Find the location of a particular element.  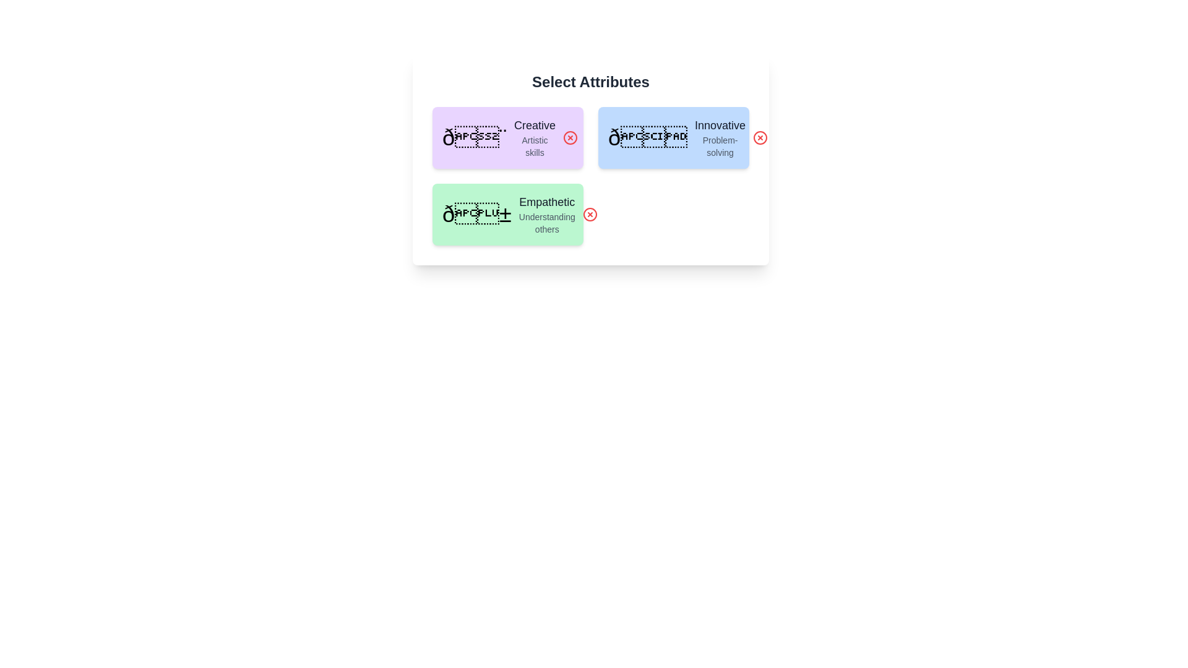

the attribute card labeled Innovative is located at coordinates (673, 138).